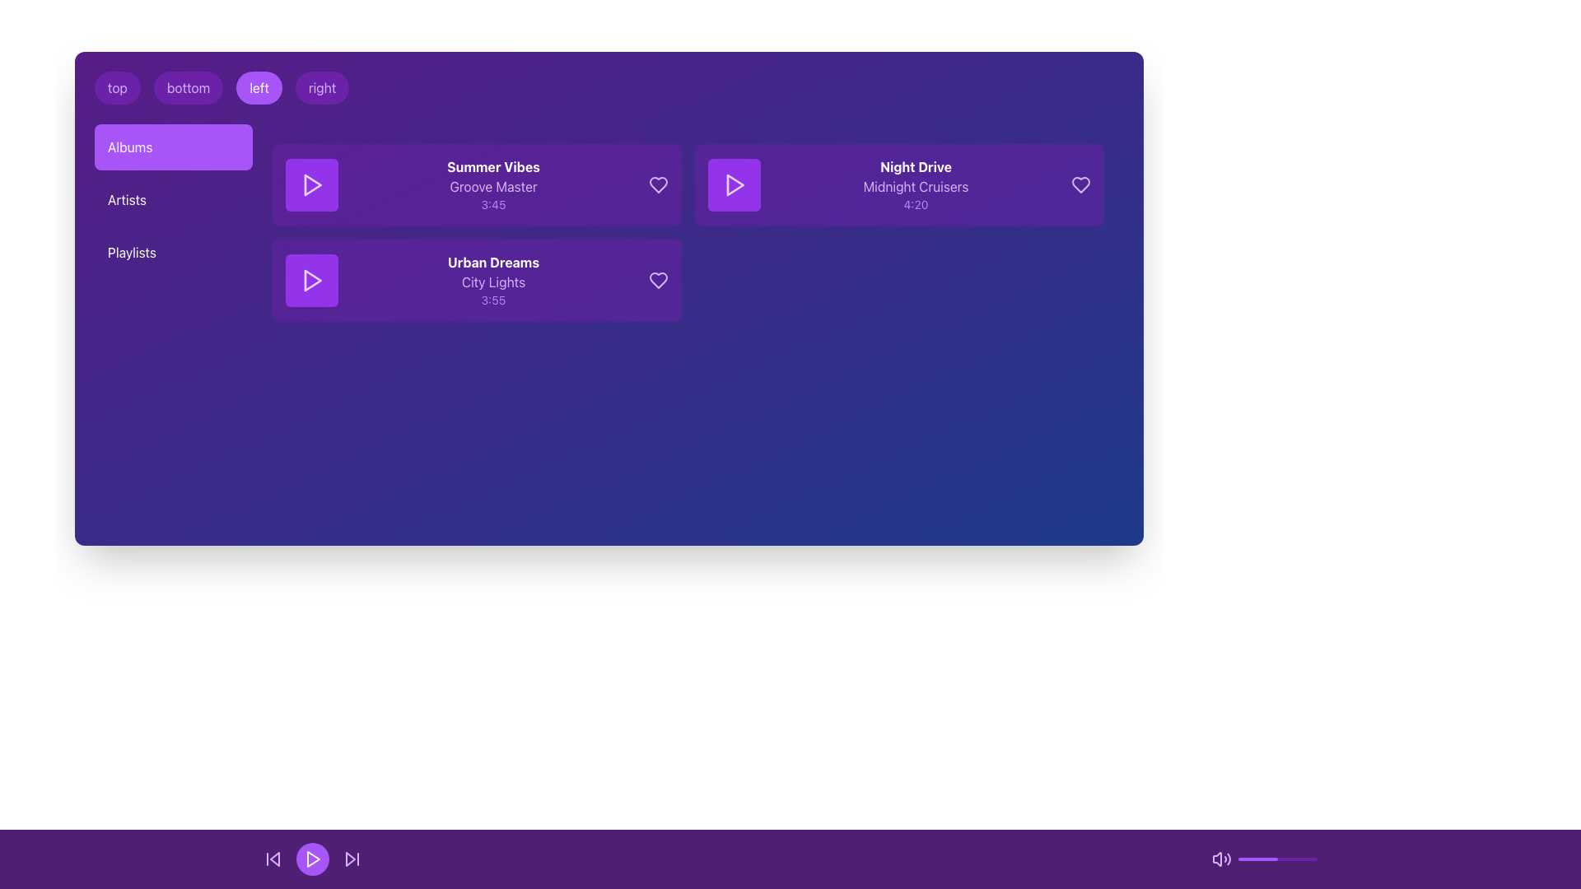 The width and height of the screenshot is (1581, 889). What do you see at coordinates (312, 859) in the screenshot?
I see `the round purple button featuring a white play icon in the center using keyboard navigation` at bounding box center [312, 859].